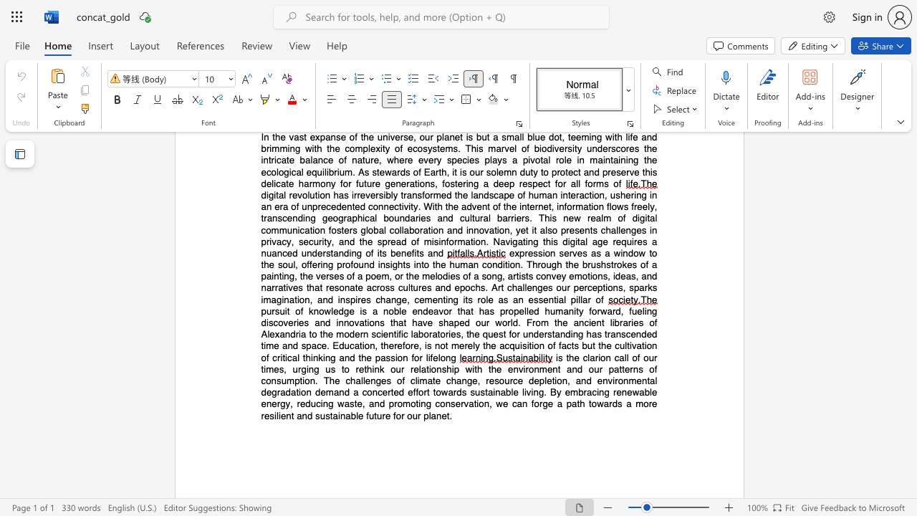  What do you see at coordinates (426, 287) in the screenshot?
I see `the subset text "s and epochs. Art chal" within the text "expression serves as a window to the soul, offering profound insights into the human condition. Through the brushstrokes of a painting, the verses of a poem, or the melodies of a song, artists convey emotions, ideas, and narratives that resonate across cultures and epochs. Art challenges our"` at bounding box center [426, 287].